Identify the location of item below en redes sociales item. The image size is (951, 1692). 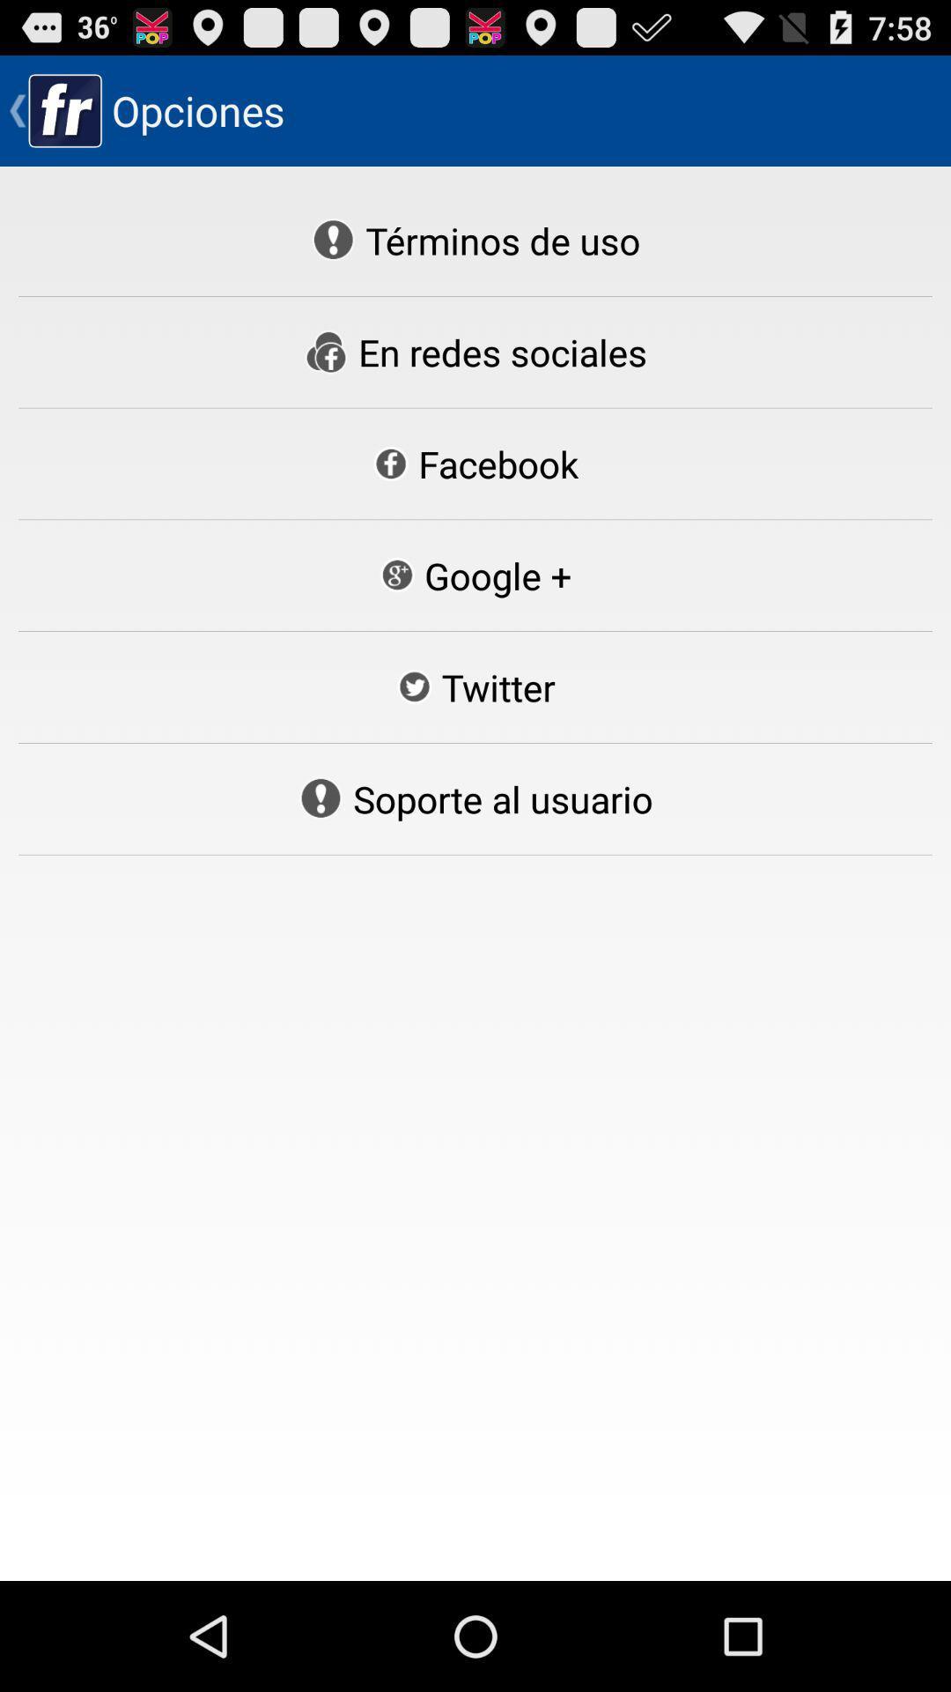
(475, 464).